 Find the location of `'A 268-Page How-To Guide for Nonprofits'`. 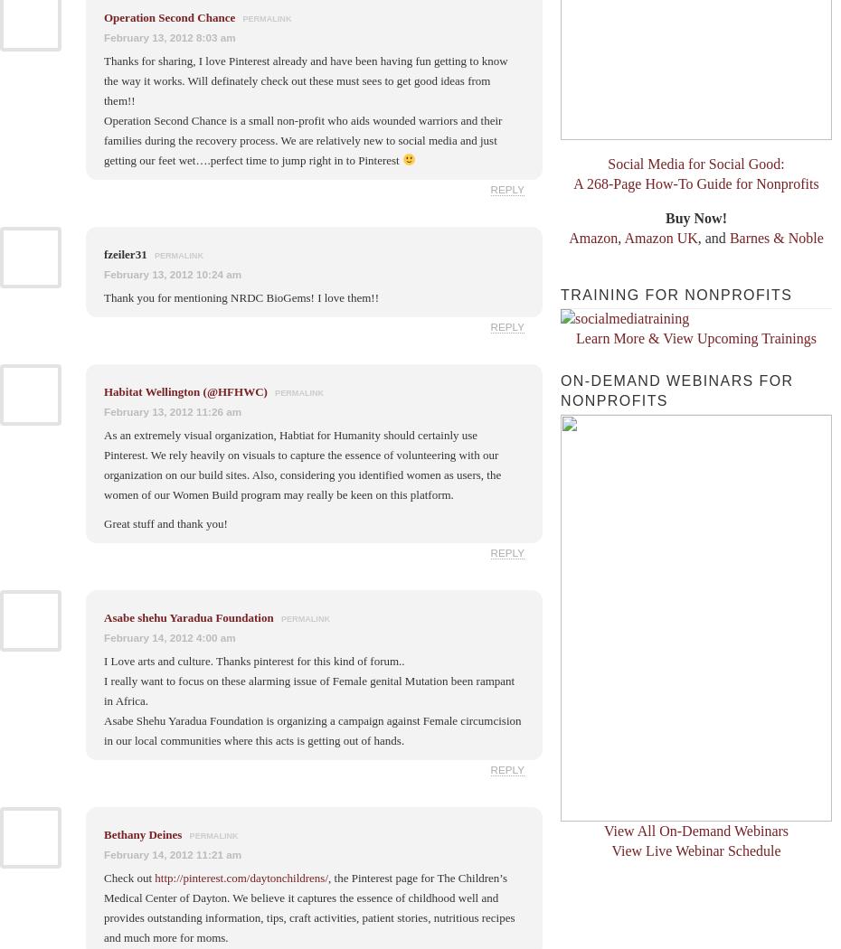

'A 268-Page How-To Guide for Nonprofits' is located at coordinates (572, 183).